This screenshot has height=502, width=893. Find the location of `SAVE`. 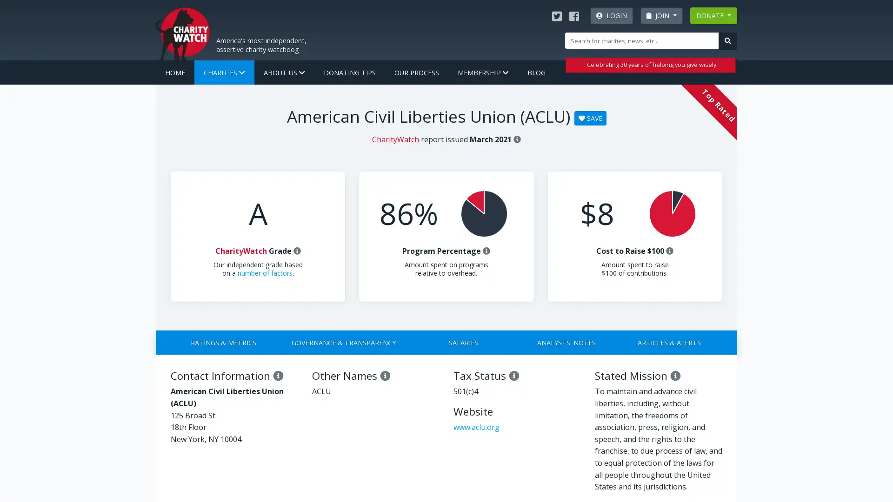

SAVE is located at coordinates (589, 118).